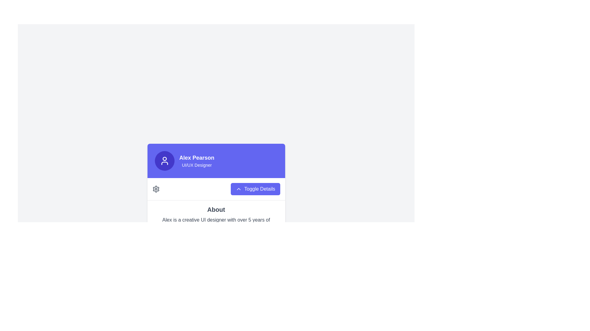  I want to click on the text block element displaying 'Alex Pearson' and 'UI/UX Designer' within the blue rectangular area, located to the right of the circular icon, so click(197, 160).